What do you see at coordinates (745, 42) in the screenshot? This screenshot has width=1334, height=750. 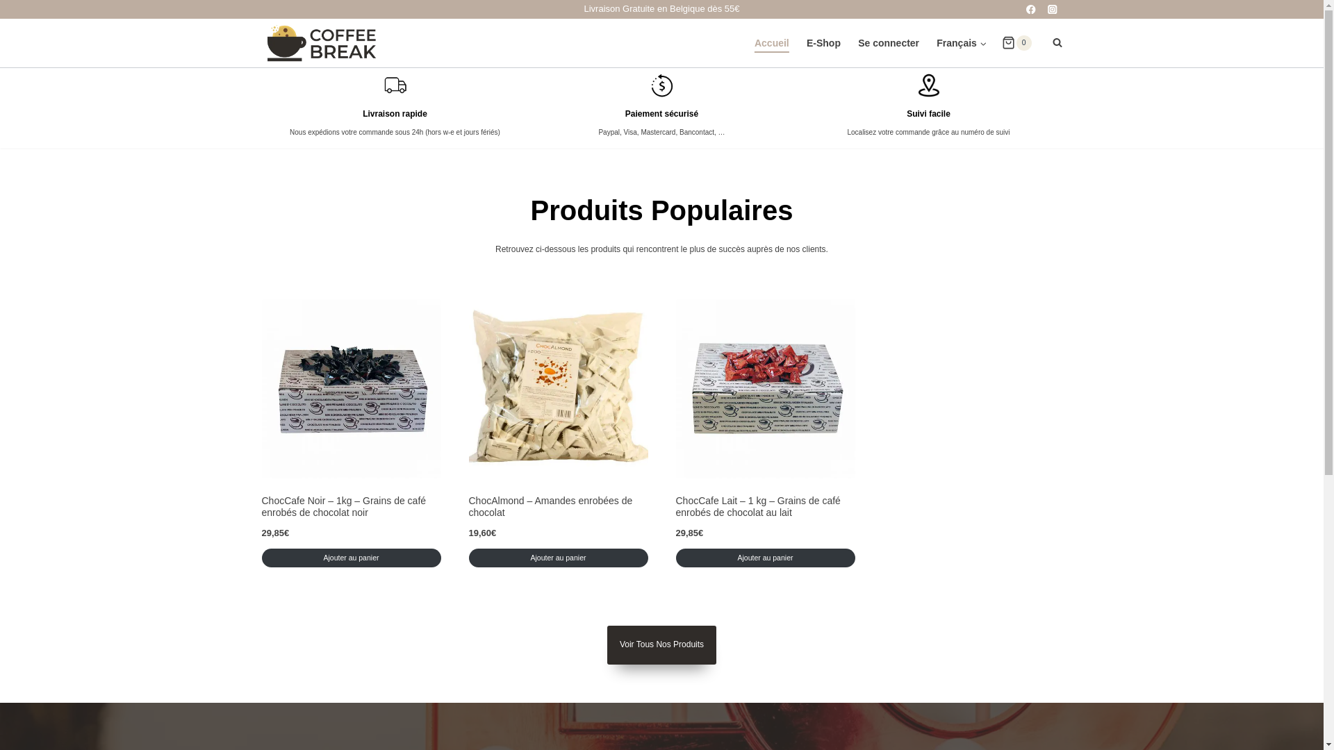 I see `'Accueil'` at bounding box center [745, 42].